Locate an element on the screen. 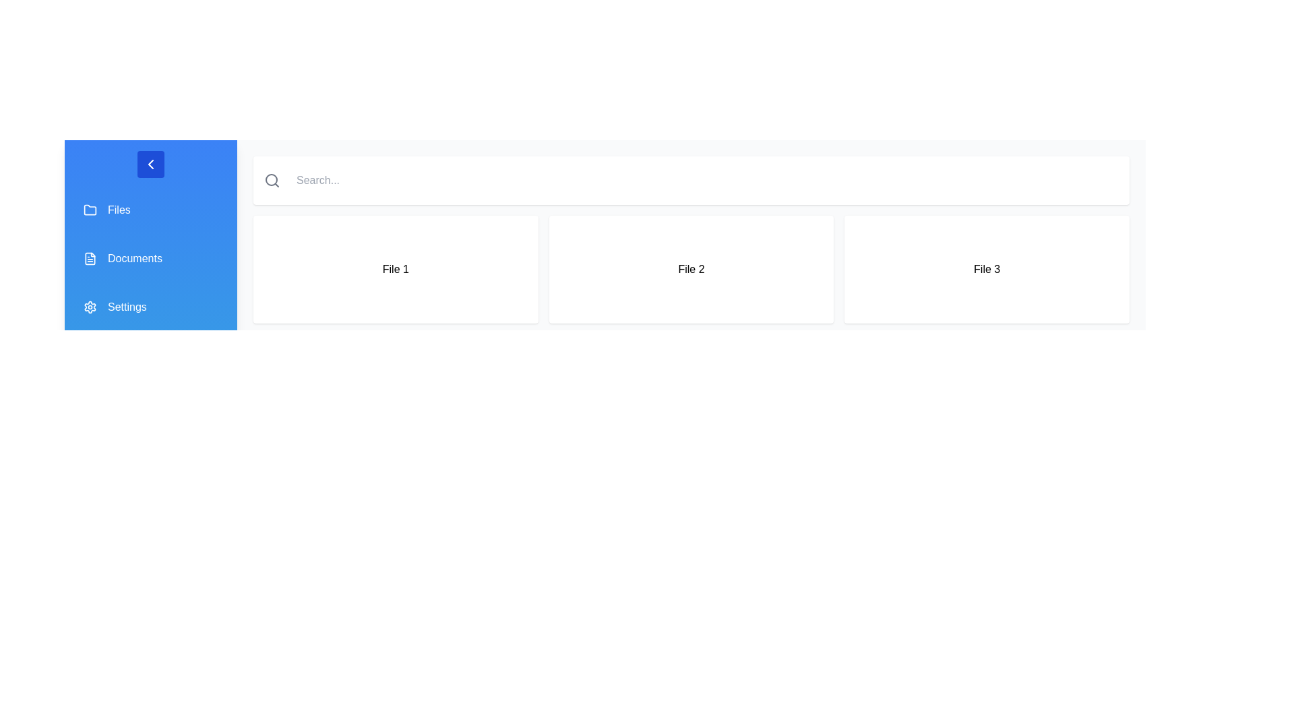 This screenshot has width=1294, height=728. the toggle button in the sidebar to toggle its visibility is located at coordinates (151, 163).